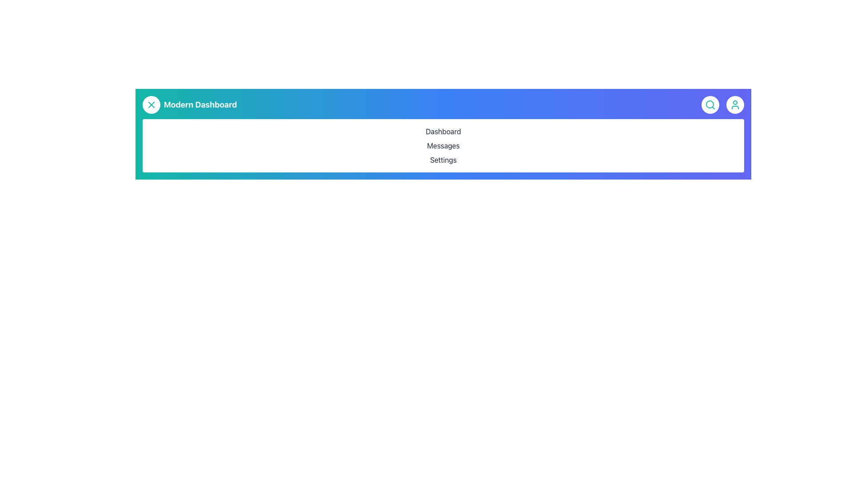  What do you see at coordinates (151, 104) in the screenshot?
I see `the circular button containing the 'X' icon` at bounding box center [151, 104].